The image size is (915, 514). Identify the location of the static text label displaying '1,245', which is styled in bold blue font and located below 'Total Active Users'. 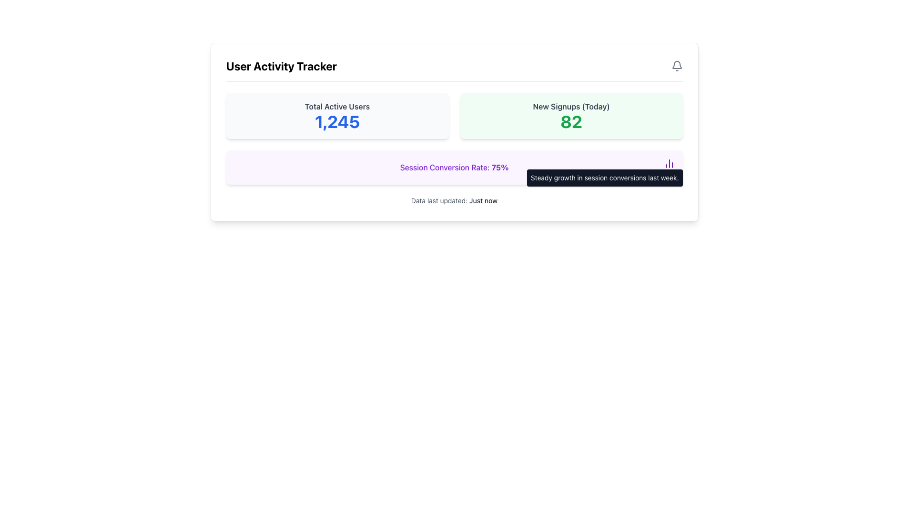
(337, 121).